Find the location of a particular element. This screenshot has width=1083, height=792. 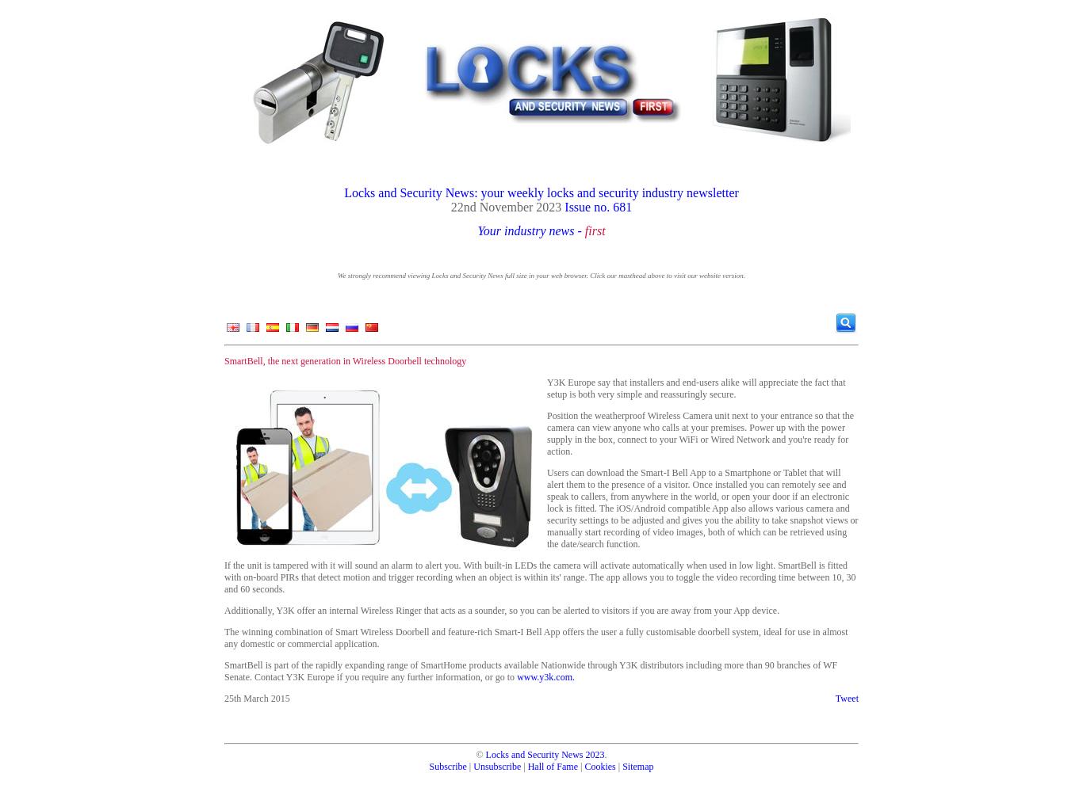

'Cookies' is located at coordinates (599, 766).